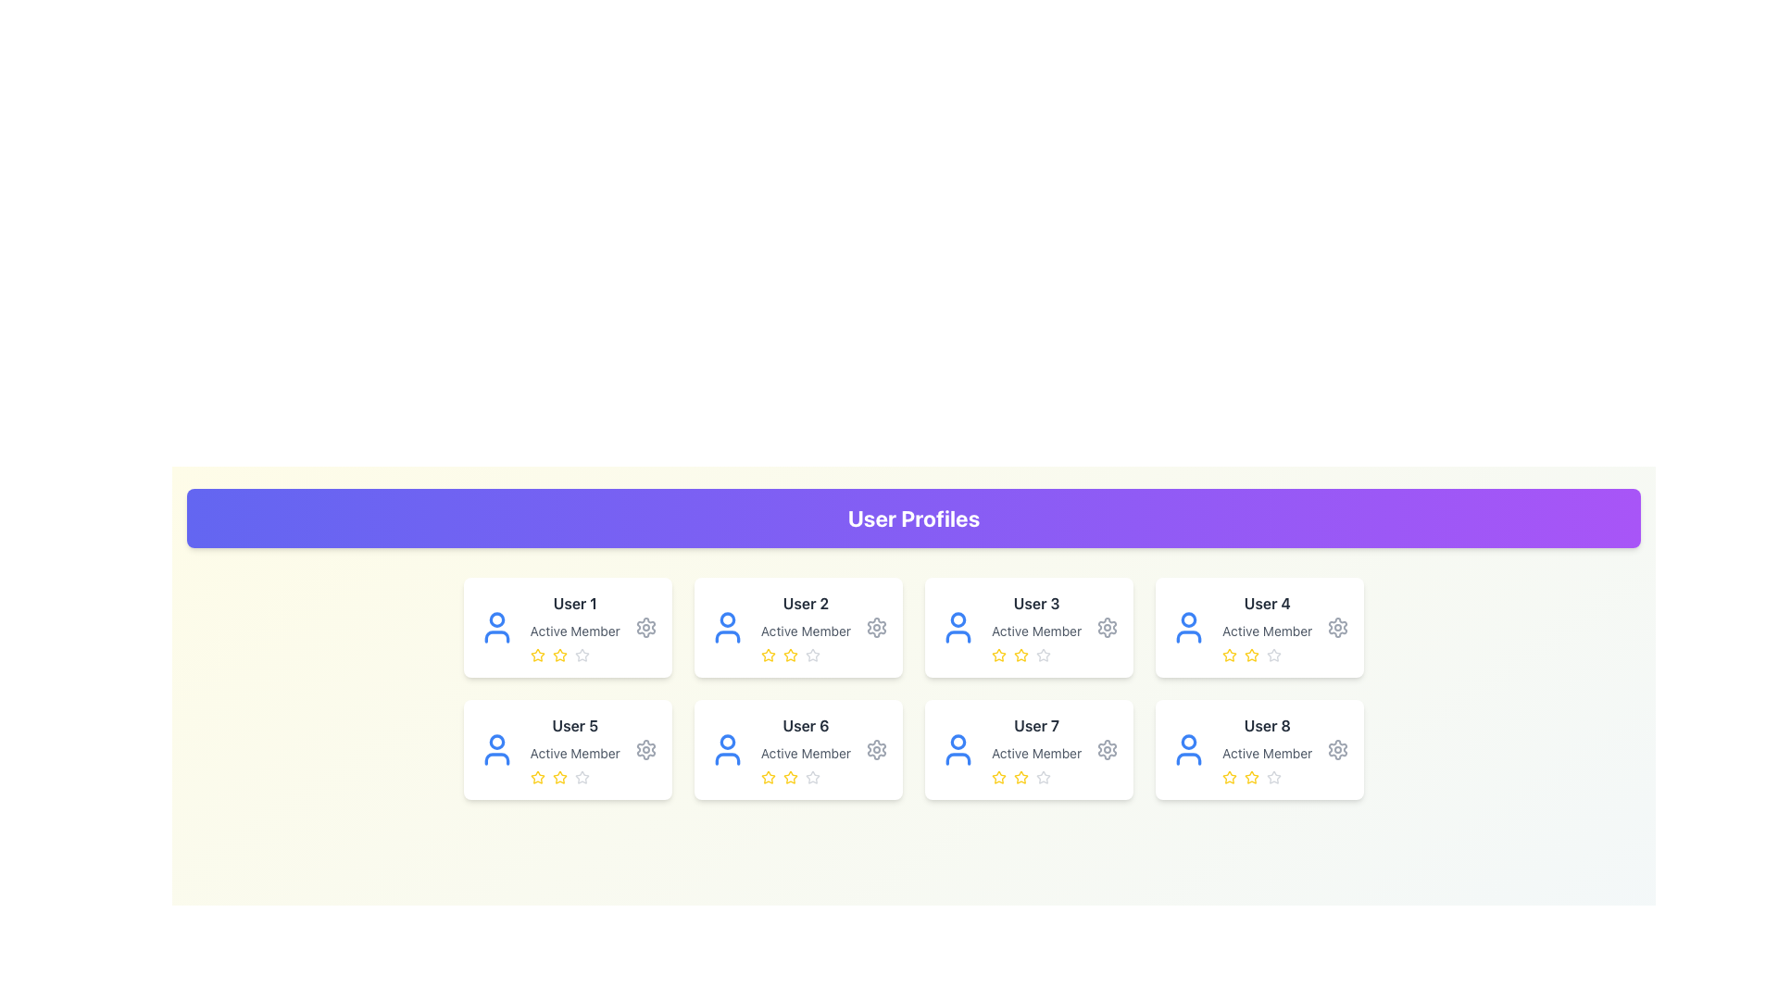  I want to click on the non-interactive text label indicating the membership status of the user associated with the second card in the first row of the grid layout, positioned beneath 'User 2' and above the stars, so click(806, 631).